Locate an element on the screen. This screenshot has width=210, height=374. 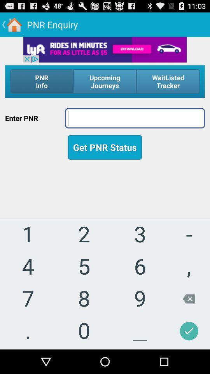
advertisement image is located at coordinates (105, 49).